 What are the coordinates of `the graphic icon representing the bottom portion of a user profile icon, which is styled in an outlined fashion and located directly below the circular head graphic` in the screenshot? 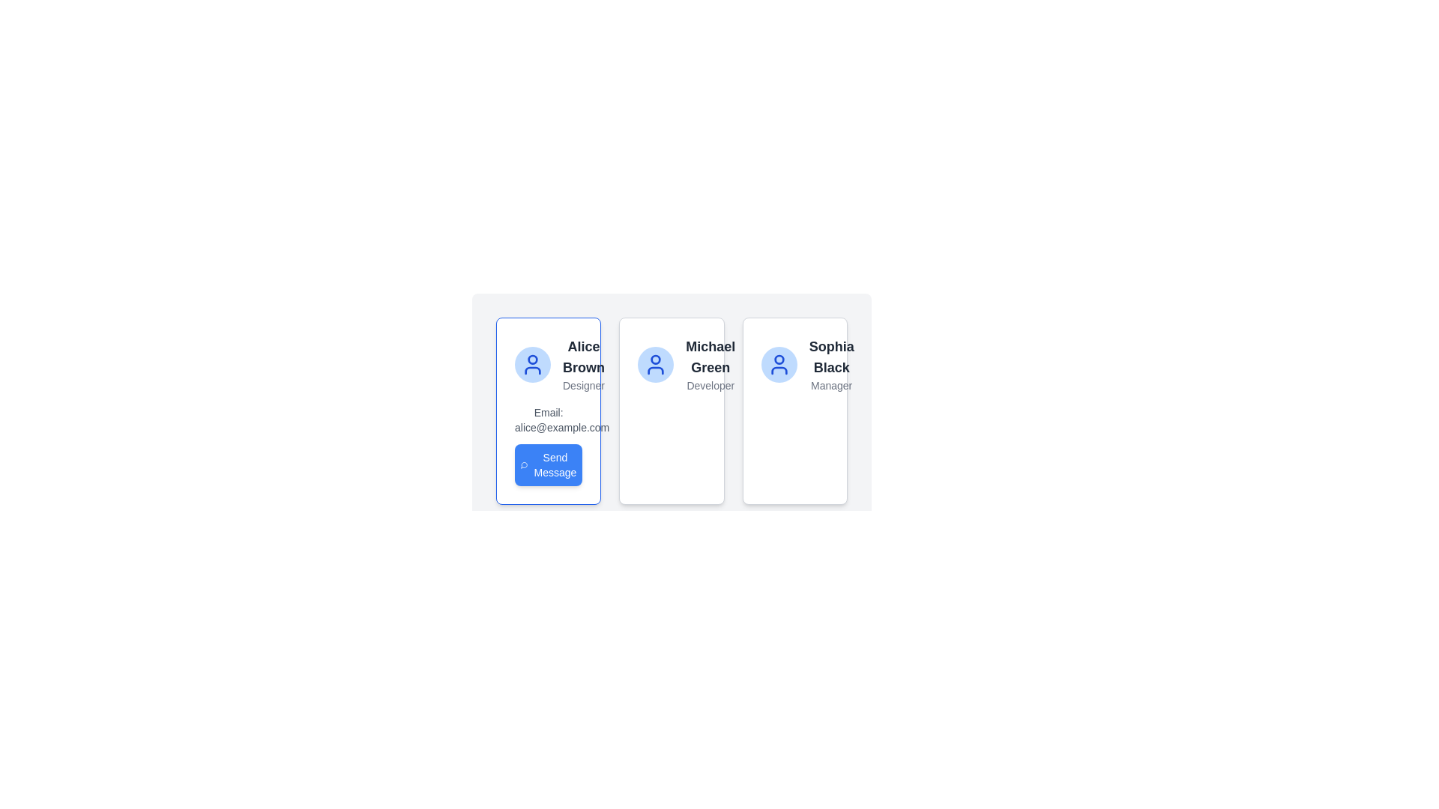 It's located at (532, 370).